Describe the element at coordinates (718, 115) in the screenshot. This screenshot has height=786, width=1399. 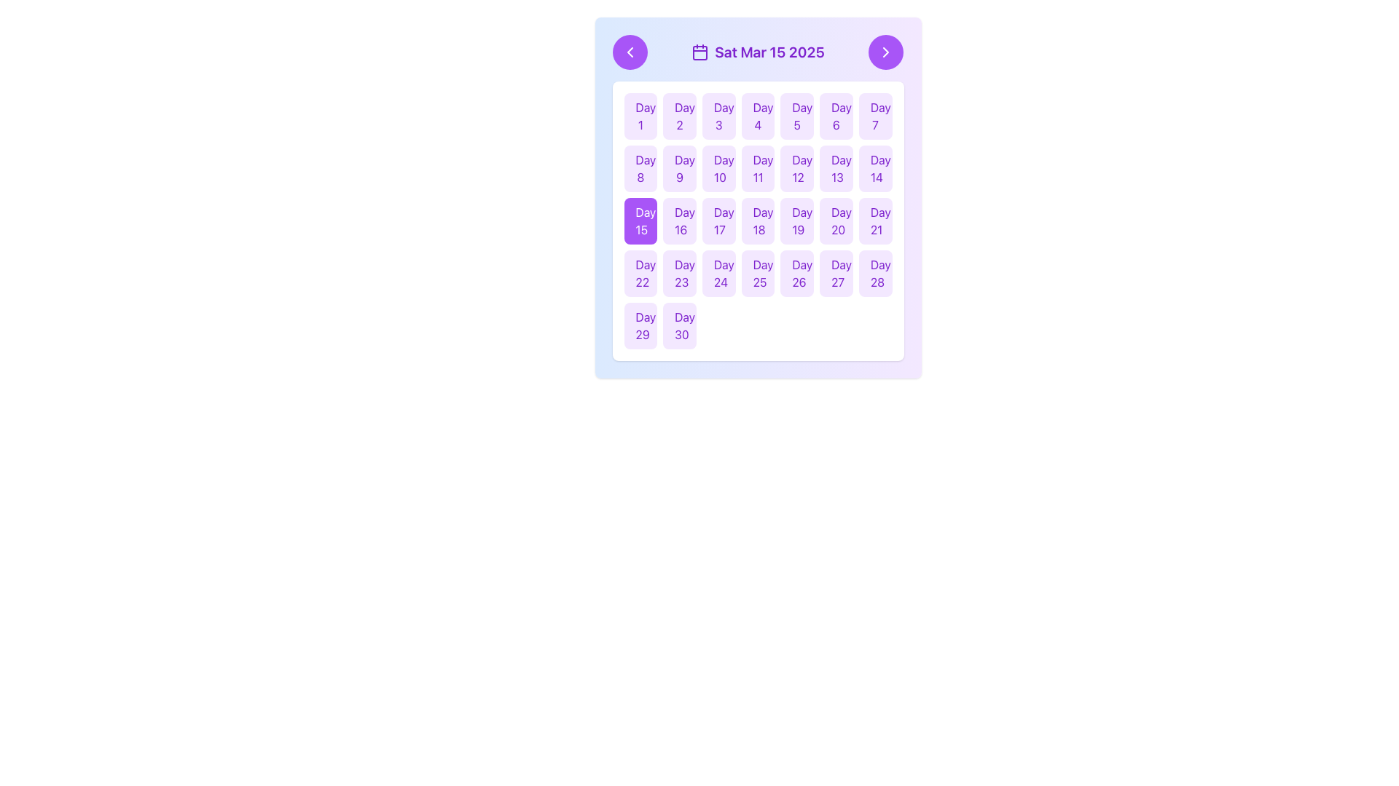
I see `the 'Day 3' label, which is a text label styled with a purple rounded rectangle background, located in the first row and third position of a grid layout` at that location.